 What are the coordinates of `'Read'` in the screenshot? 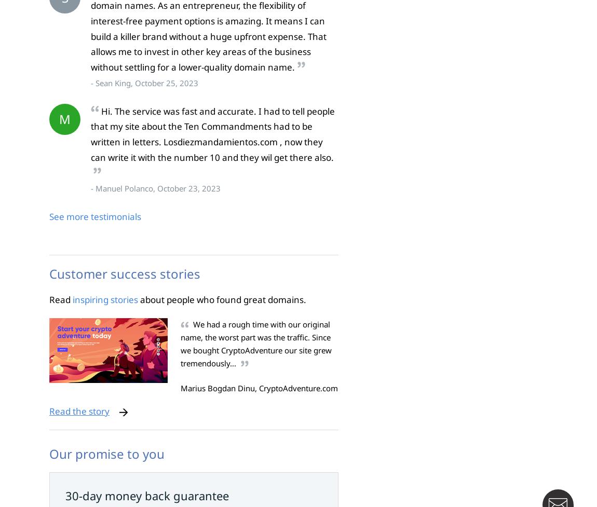 It's located at (60, 299).